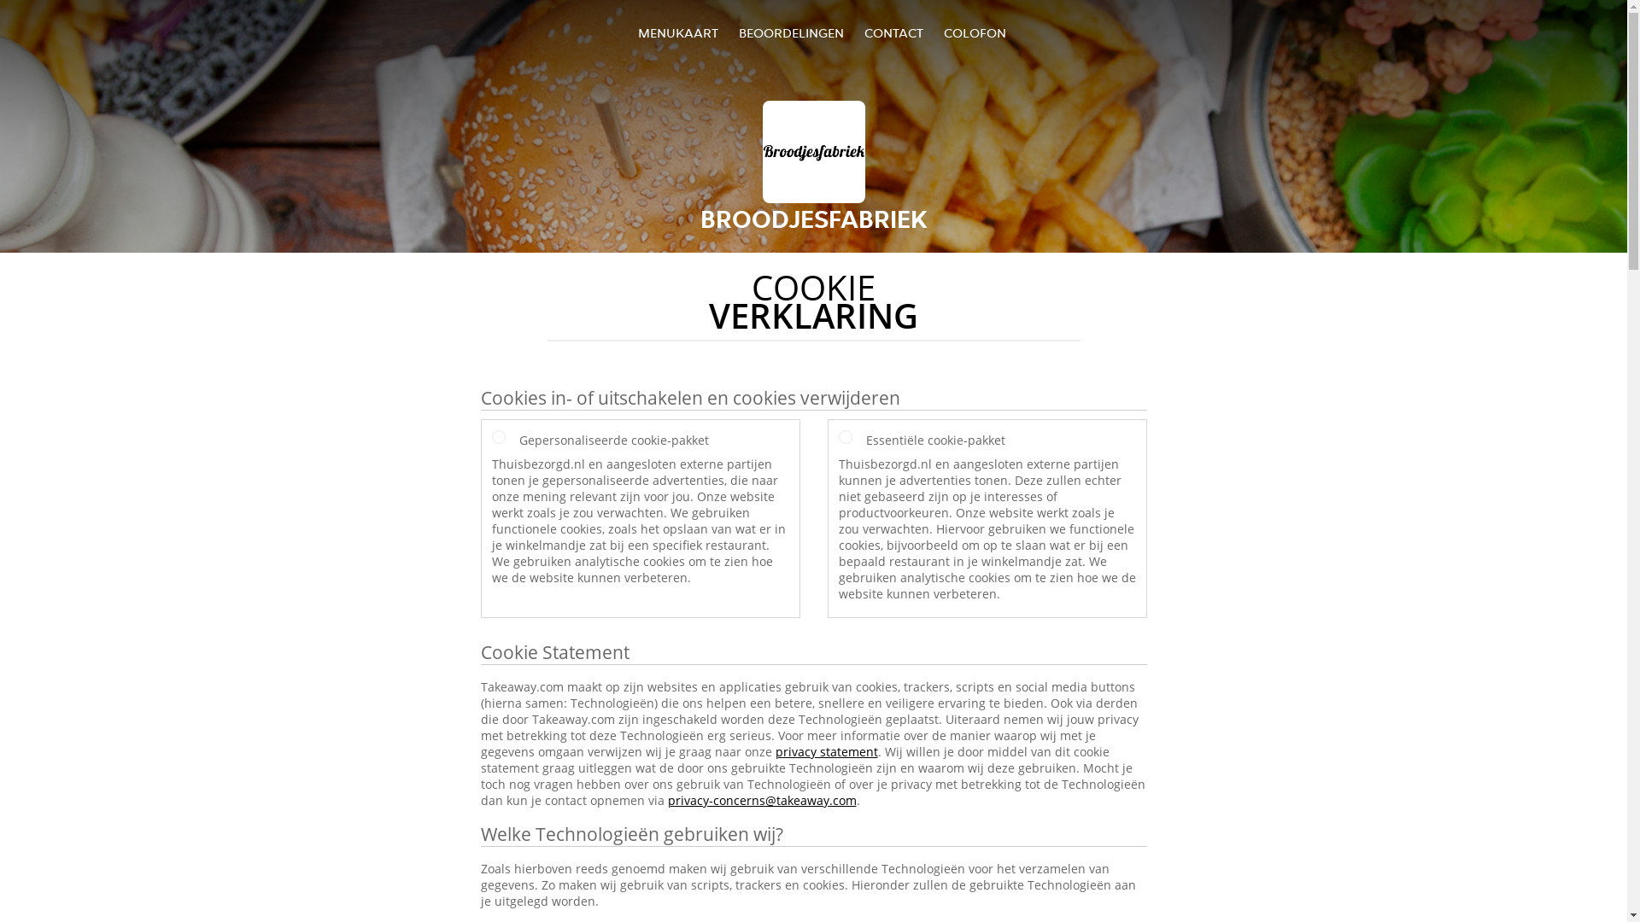 This screenshot has height=922, width=1640. Describe the element at coordinates (975, 32) in the screenshot. I see `'COLOFON'` at that location.